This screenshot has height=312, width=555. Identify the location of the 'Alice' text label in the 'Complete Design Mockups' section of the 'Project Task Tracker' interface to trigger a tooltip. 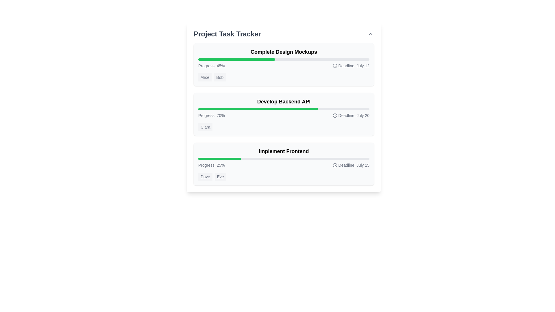
(205, 77).